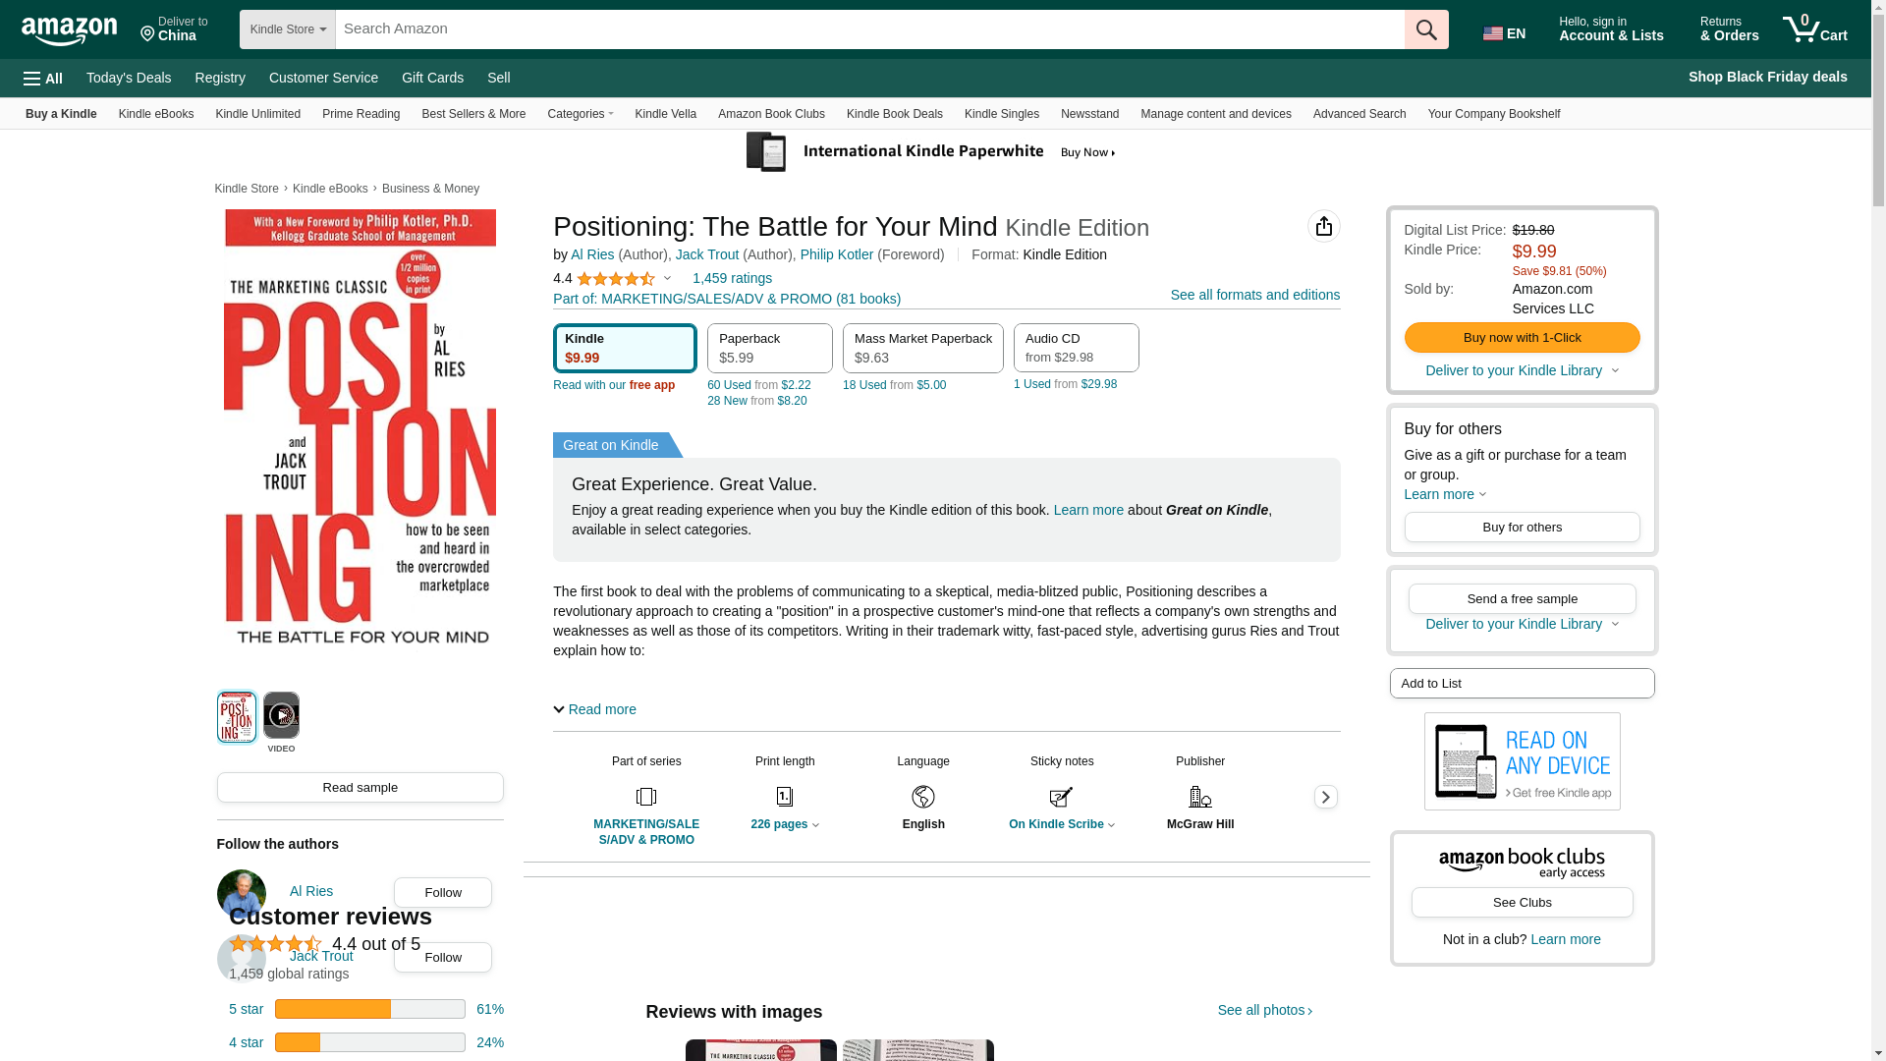 The width and height of the screenshot is (1886, 1061). I want to click on 'Buy now with 1-Click', so click(1521, 336).